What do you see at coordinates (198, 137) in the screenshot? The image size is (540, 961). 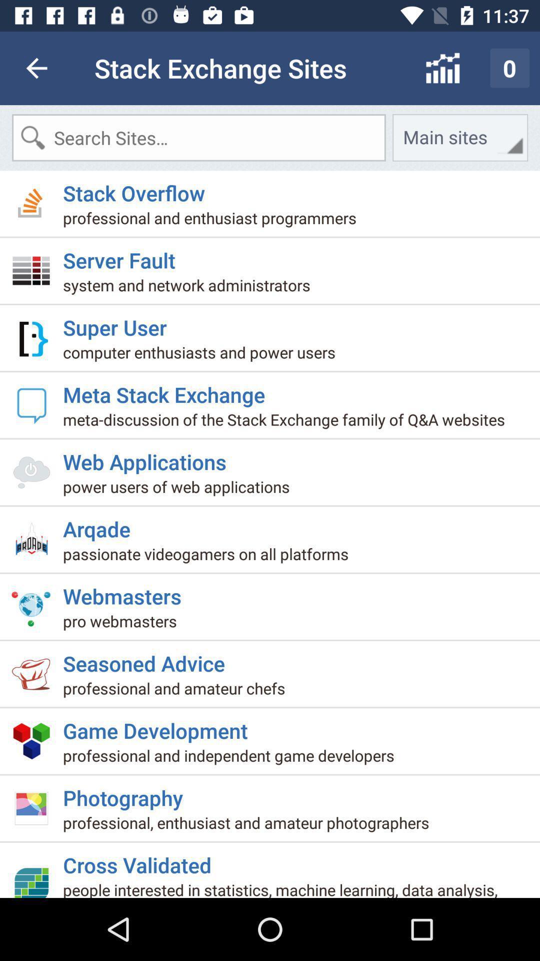 I see `write something to search for it` at bounding box center [198, 137].